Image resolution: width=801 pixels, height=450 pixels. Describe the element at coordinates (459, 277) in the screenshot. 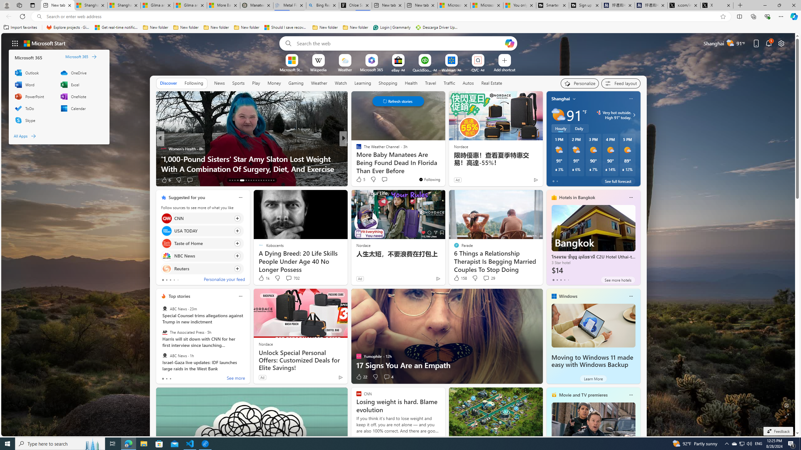

I see `'158 Like'` at that location.